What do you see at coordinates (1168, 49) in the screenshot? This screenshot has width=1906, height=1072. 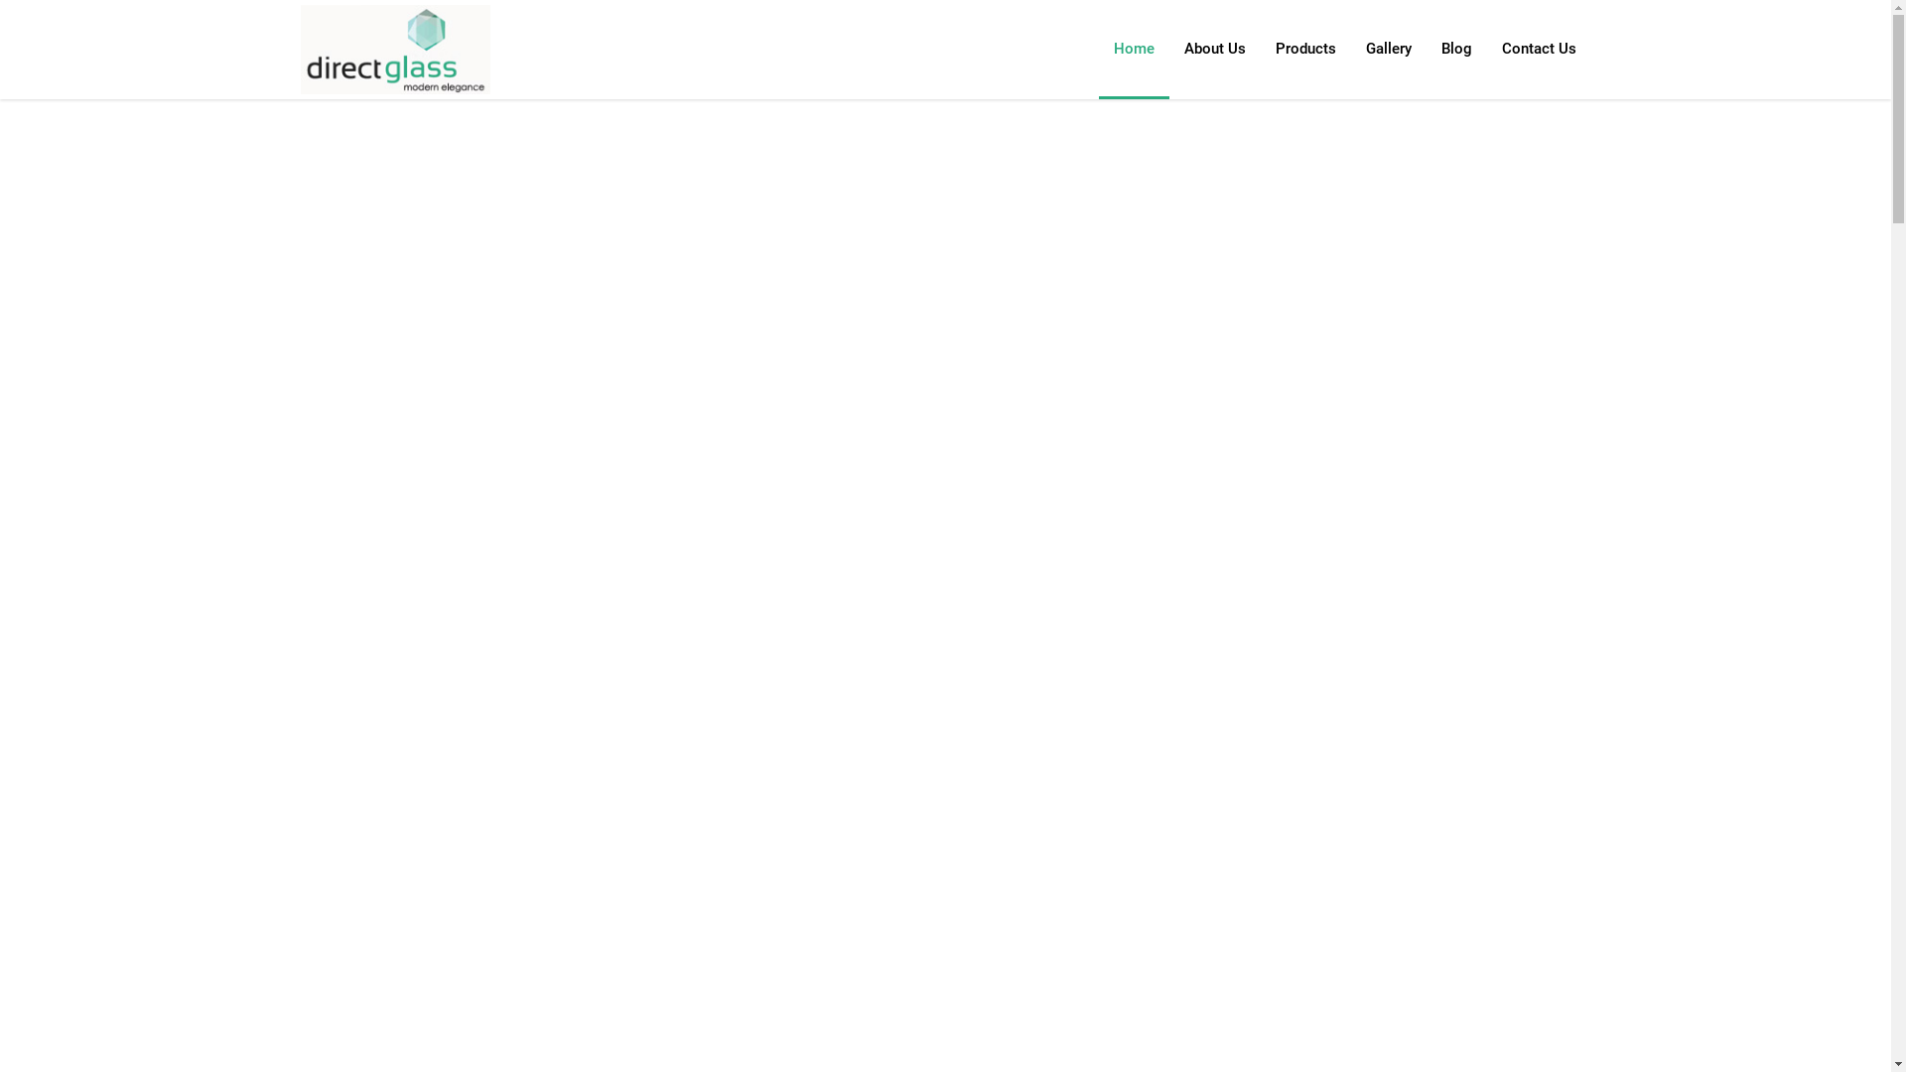 I see `'About Us'` at bounding box center [1168, 49].